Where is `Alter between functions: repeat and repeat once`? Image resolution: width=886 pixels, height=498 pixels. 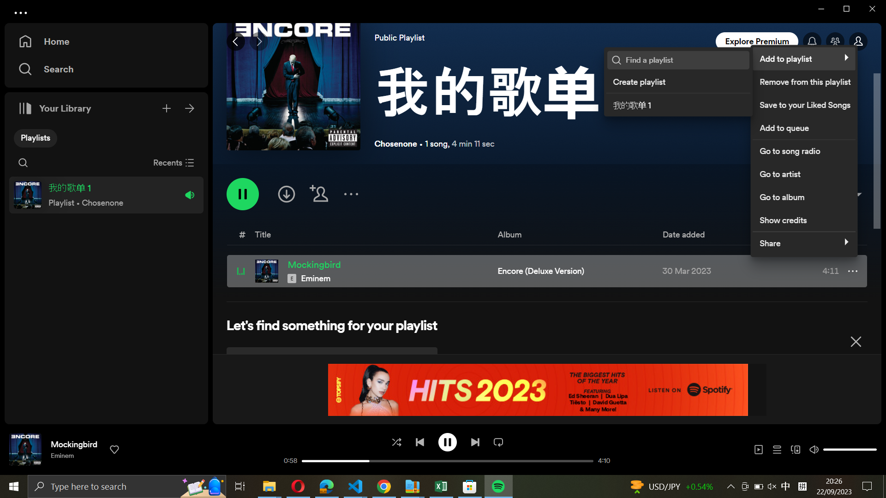 Alter between functions: repeat and repeat once is located at coordinates (498, 441).